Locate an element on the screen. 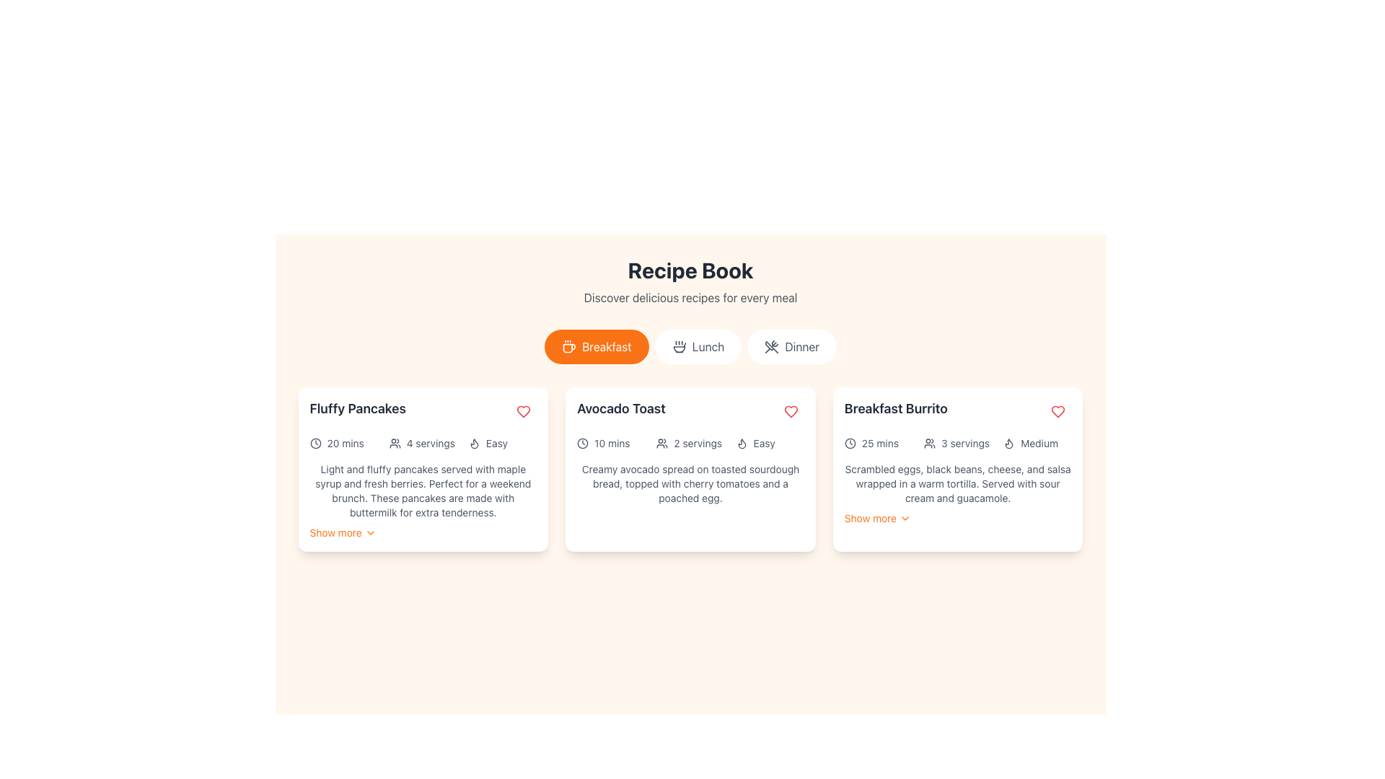  the Text label indicating the difficulty level of the recipe, located in the 'Avocado Toast' recipe card, positioned slightly closer to the top of the interface, to the right of the flame icon is located at coordinates (763, 442).